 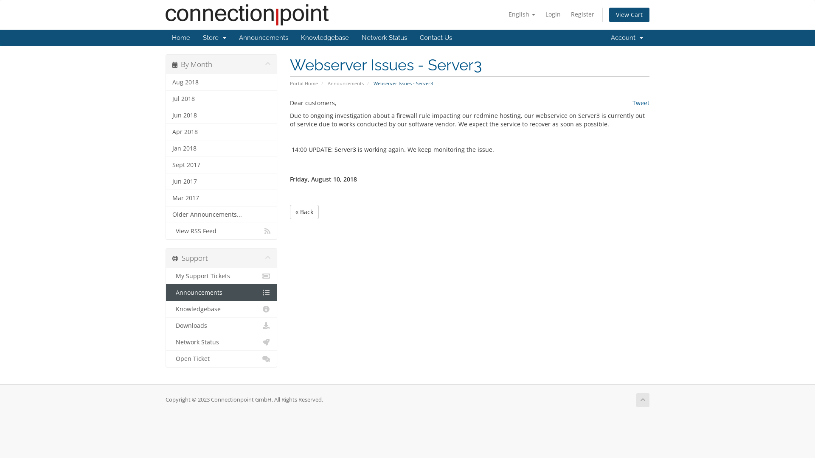 I want to click on 'Older Announcements...', so click(x=221, y=214).